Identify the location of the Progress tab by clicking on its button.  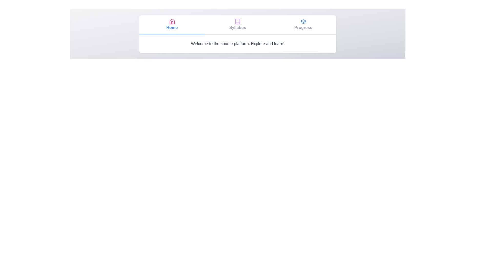
(303, 25).